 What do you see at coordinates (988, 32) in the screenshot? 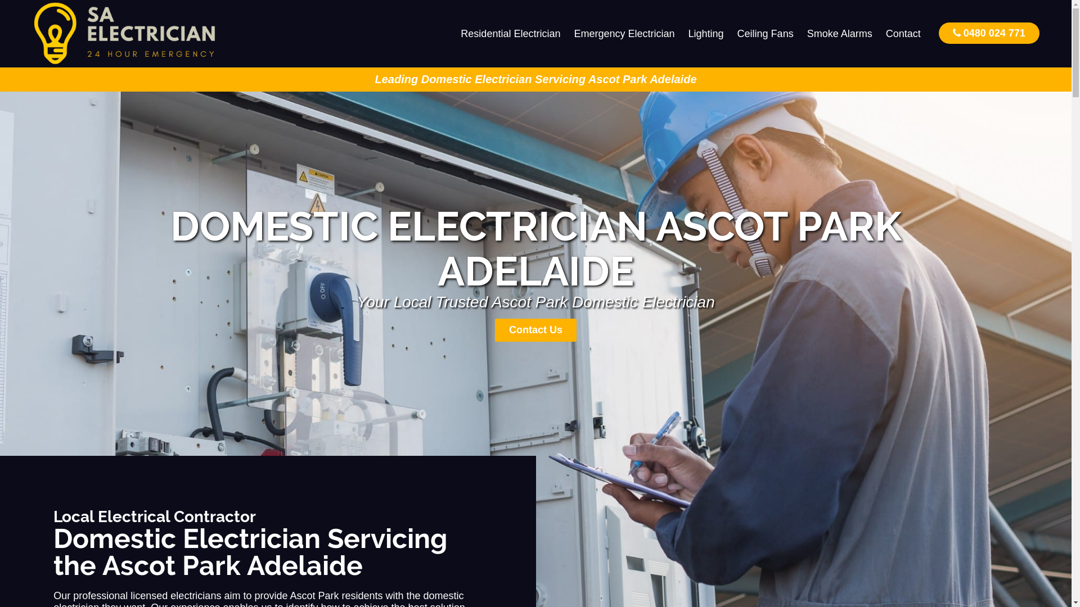
I see `'0480 024 771'` at bounding box center [988, 32].